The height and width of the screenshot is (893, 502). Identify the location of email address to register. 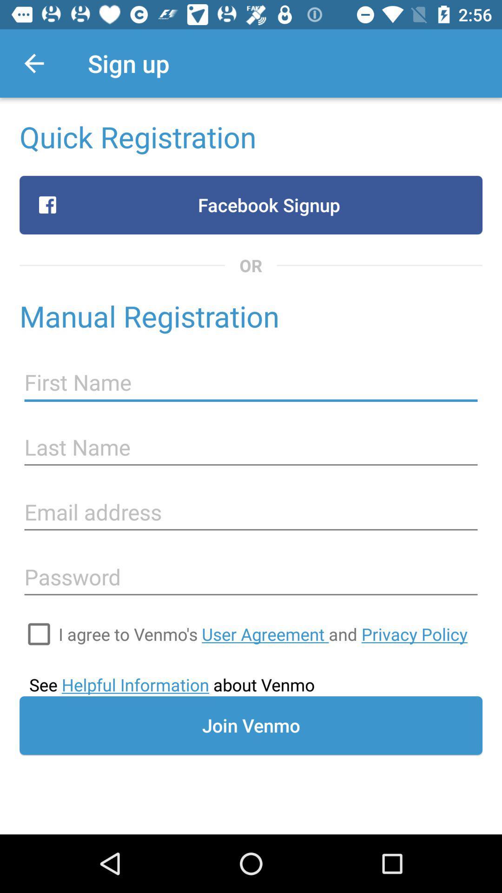
(251, 512).